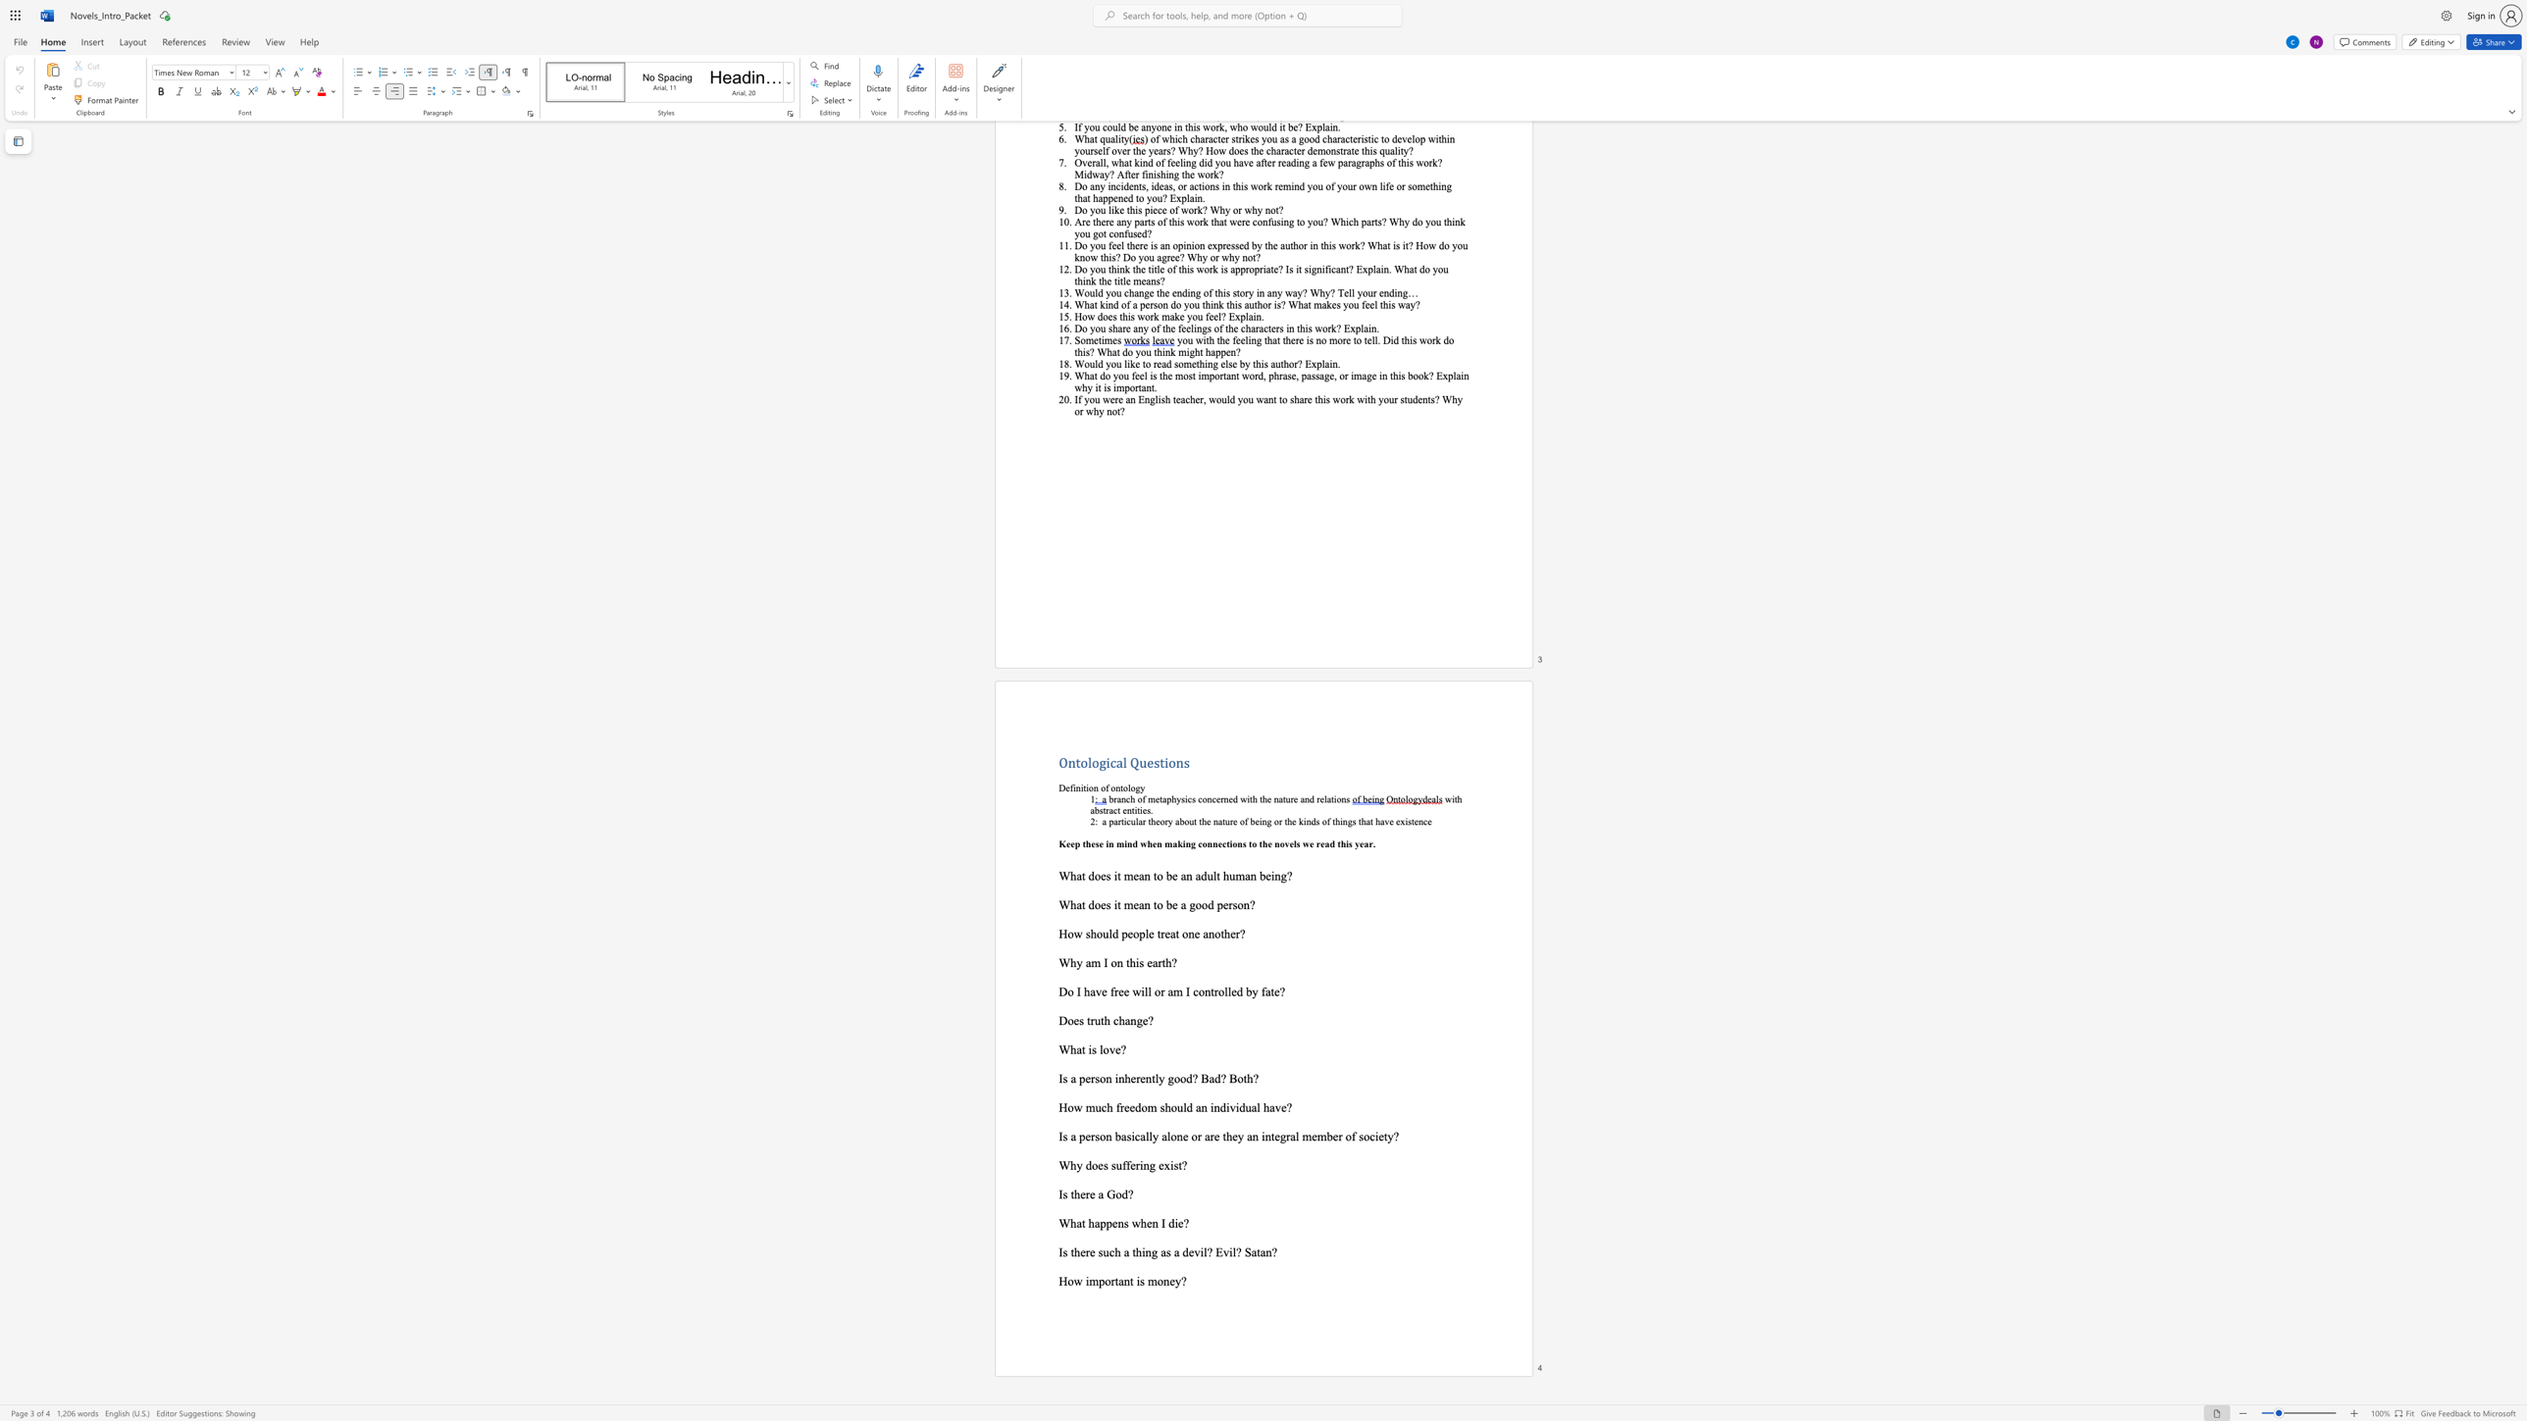 The width and height of the screenshot is (2527, 1421). What do you see at coordinates (1090, 1020) in the screenshot?
I see `the subset text "ruth cha" within the text "Does truth change?"` at bounding box center [1090, 1020].